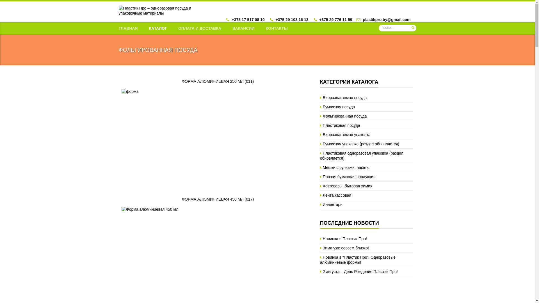 The width and height of the screenshot is (539, 303). I want to click on 'plastikpro.by@gmail.com', so click(386, 19).